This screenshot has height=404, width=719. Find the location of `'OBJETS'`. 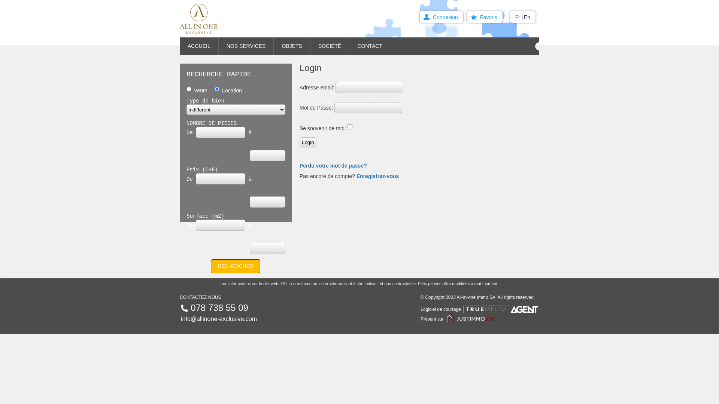

'OBJETS' is located at coordinates (273, 46).